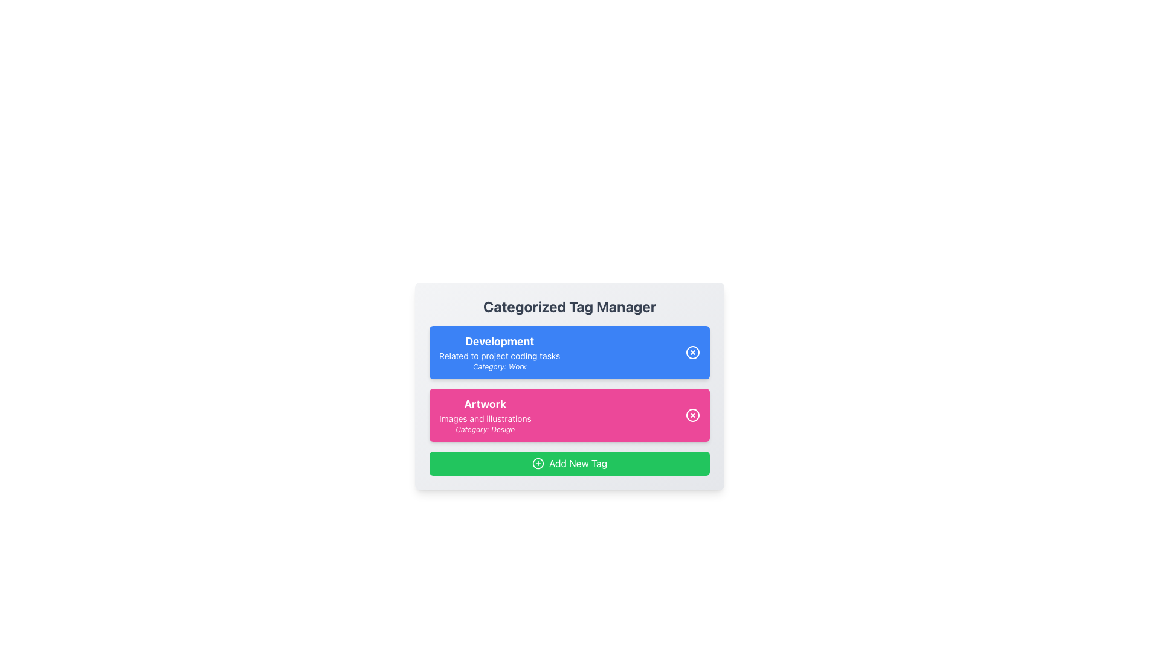 The height and width of the screenshot is (652, 1160). What do you see at coordinates (569, 462) in the screenshot?
I see `the button located at the bottom of the 'Categorized Tag Manager' card component` at bounding box center [569, 462].